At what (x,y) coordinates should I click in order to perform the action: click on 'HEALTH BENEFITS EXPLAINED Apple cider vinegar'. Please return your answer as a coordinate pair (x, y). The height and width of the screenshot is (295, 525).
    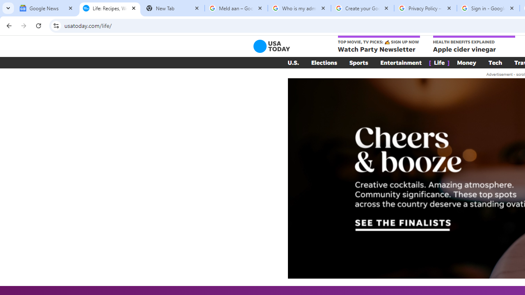
    Looking at the image, I should click on (474, 45).